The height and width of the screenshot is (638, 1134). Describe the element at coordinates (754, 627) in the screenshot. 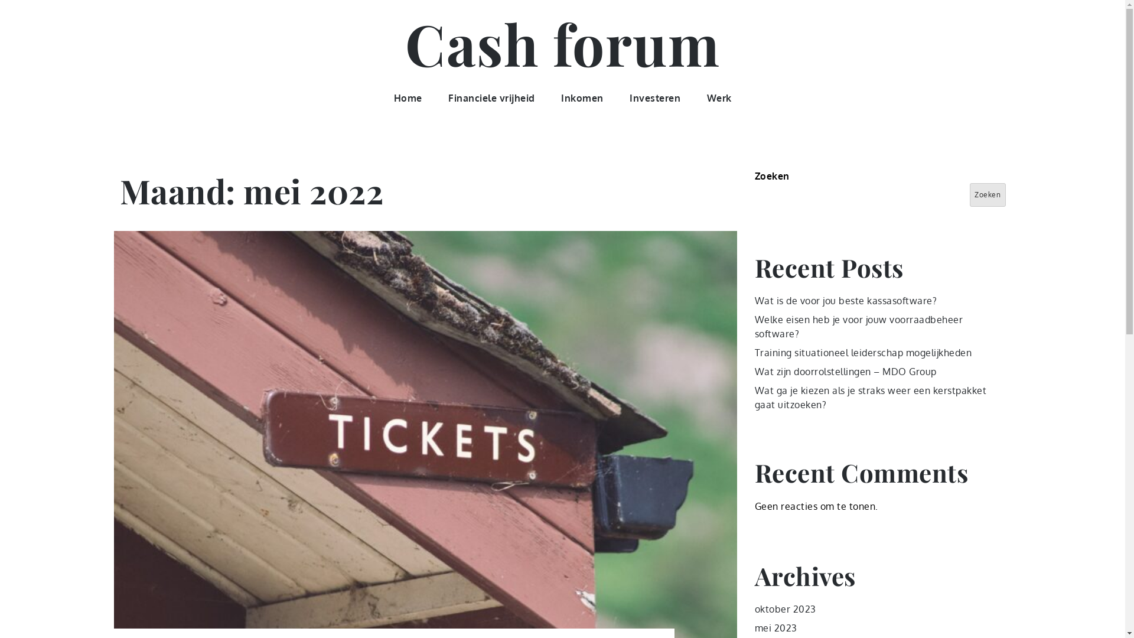

I see `'mei 2023'` at that location.